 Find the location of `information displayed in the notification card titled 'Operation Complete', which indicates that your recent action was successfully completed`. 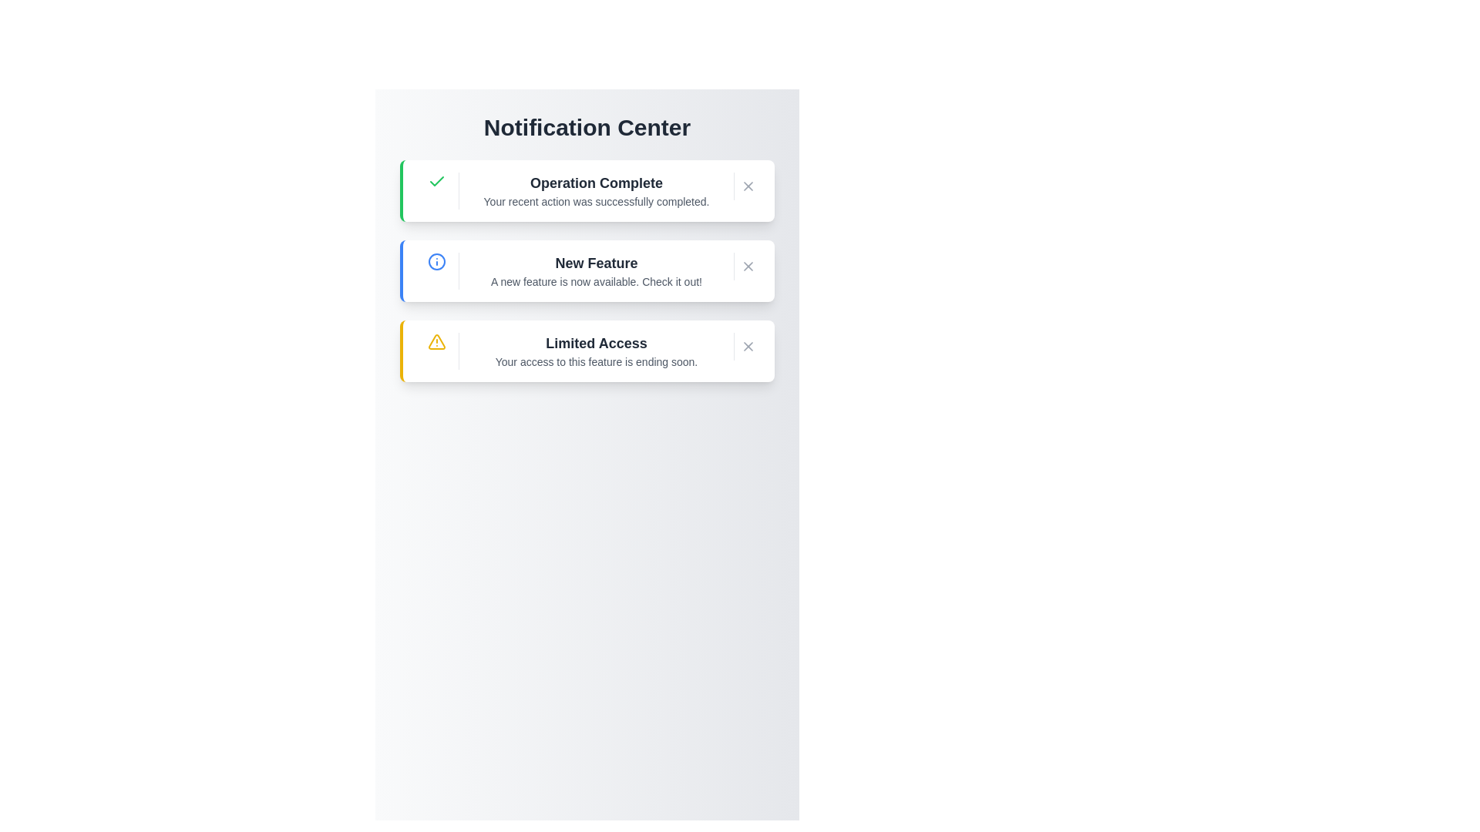

information displayed in the notification card titled 'Operation Complete', which indicates that your recent action was successfully completed is located at coordinates (595, 190).